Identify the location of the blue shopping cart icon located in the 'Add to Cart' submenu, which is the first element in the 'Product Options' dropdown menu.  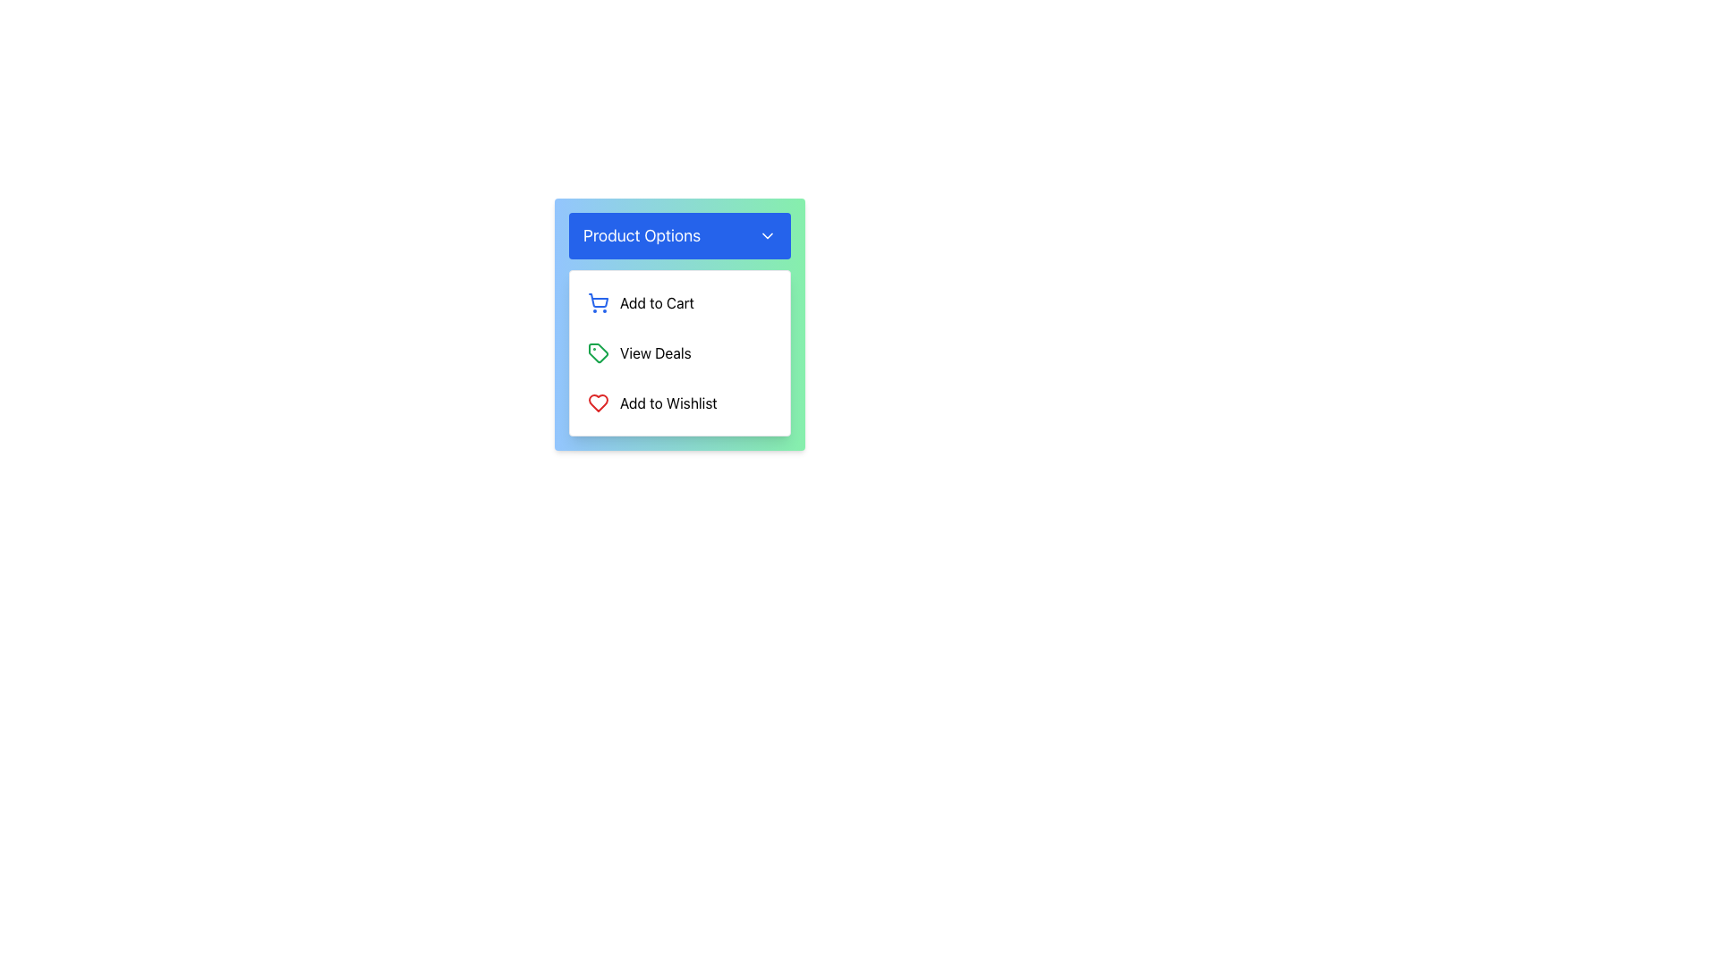
(598, 302).